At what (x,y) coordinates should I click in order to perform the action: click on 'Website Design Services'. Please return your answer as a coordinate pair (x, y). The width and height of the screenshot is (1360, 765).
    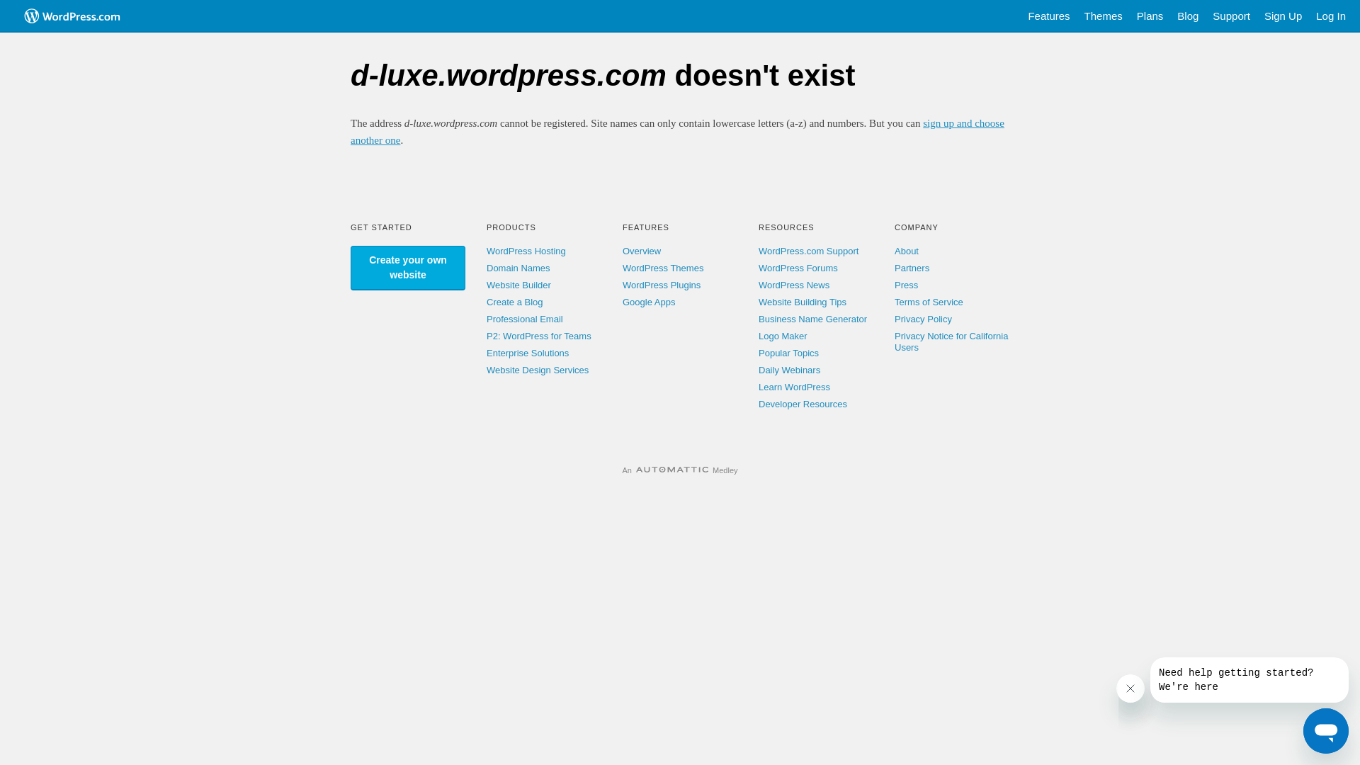
    Looking at the image, I should click on (536, 369).